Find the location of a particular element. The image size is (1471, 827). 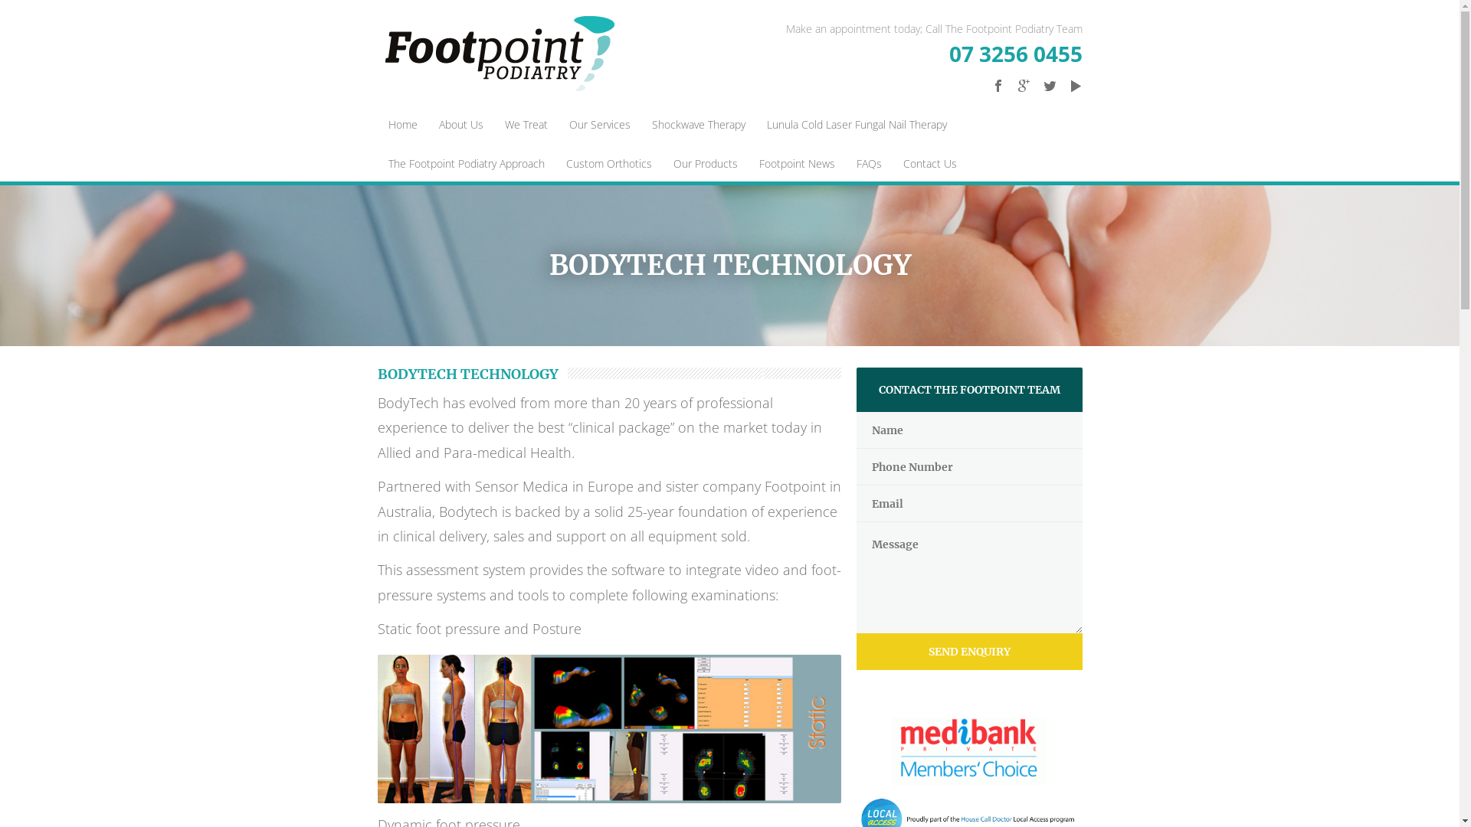

'Shockwave Therapy' is located at coordinates (697, 126).